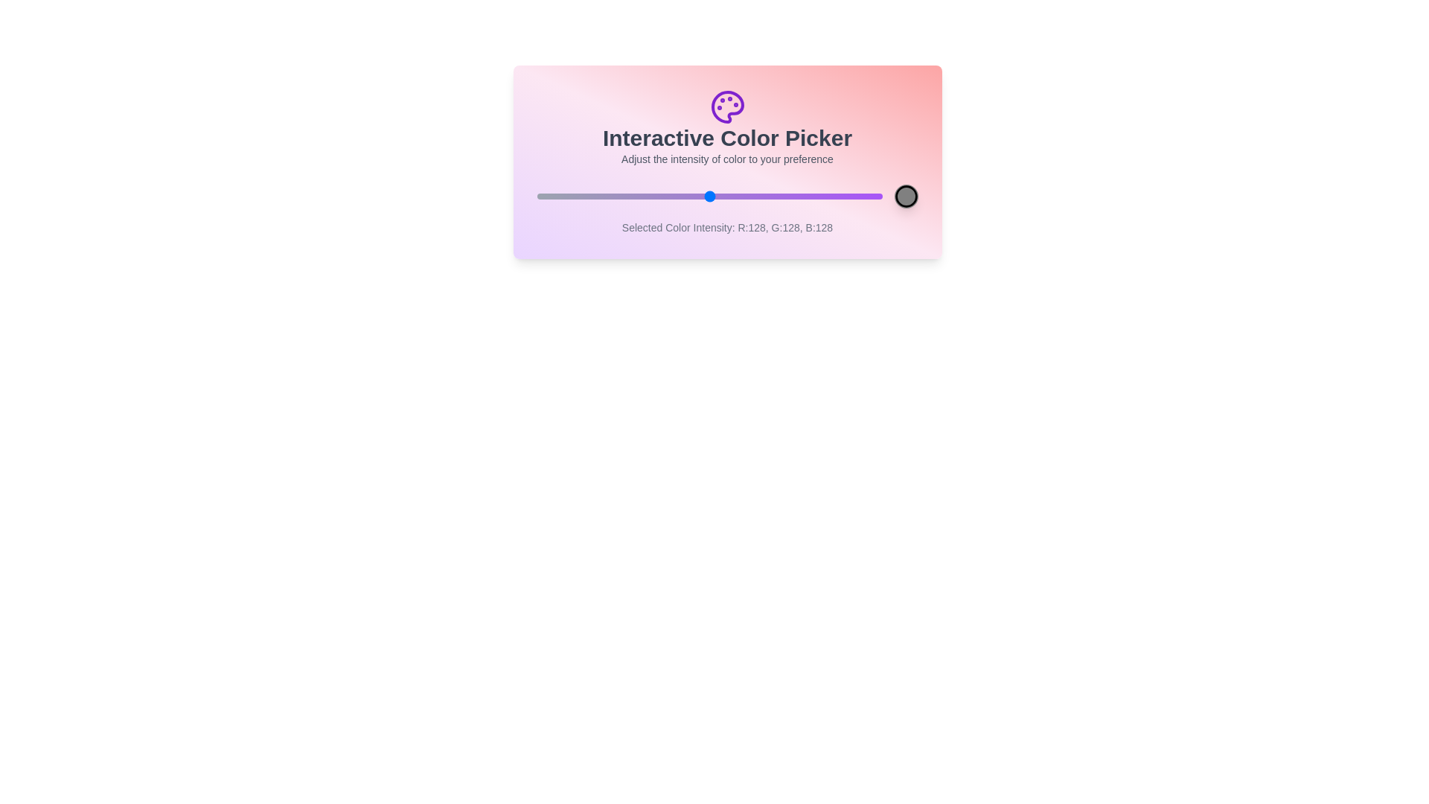  What do you see at coordinates (766, 195) in the screenshot?
I see `the color intensity to 170 by dragging the slider` at bounding box center [766, 195].